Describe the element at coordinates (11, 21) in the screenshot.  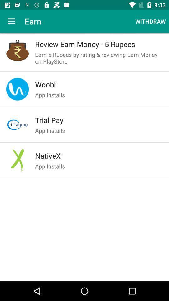
I see `the item next to the earn app` at that location.